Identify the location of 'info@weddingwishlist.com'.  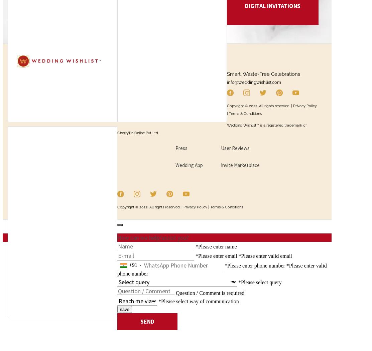
(253, 82).